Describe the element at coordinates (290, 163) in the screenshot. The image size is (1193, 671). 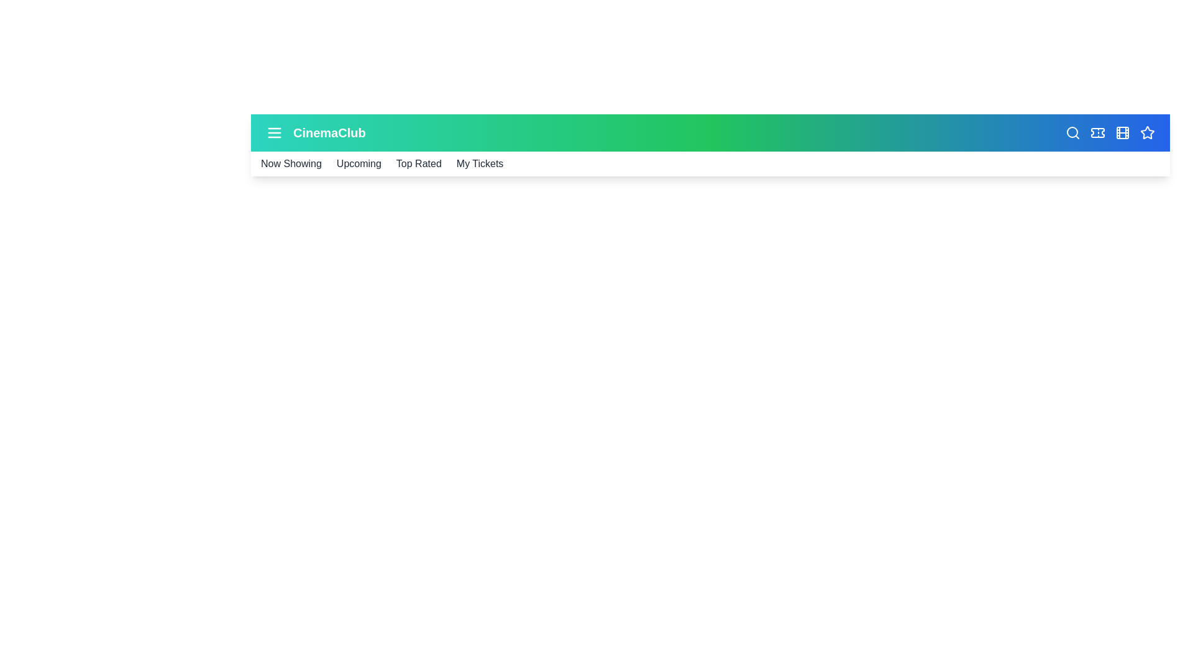
I see `the navigation link for Now Showing` at that location.